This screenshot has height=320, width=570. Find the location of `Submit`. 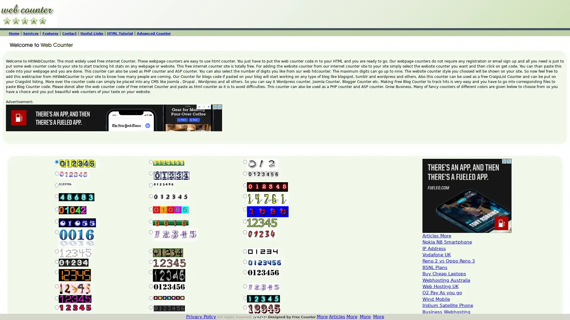

Submit is located at coordinates (76, 197).